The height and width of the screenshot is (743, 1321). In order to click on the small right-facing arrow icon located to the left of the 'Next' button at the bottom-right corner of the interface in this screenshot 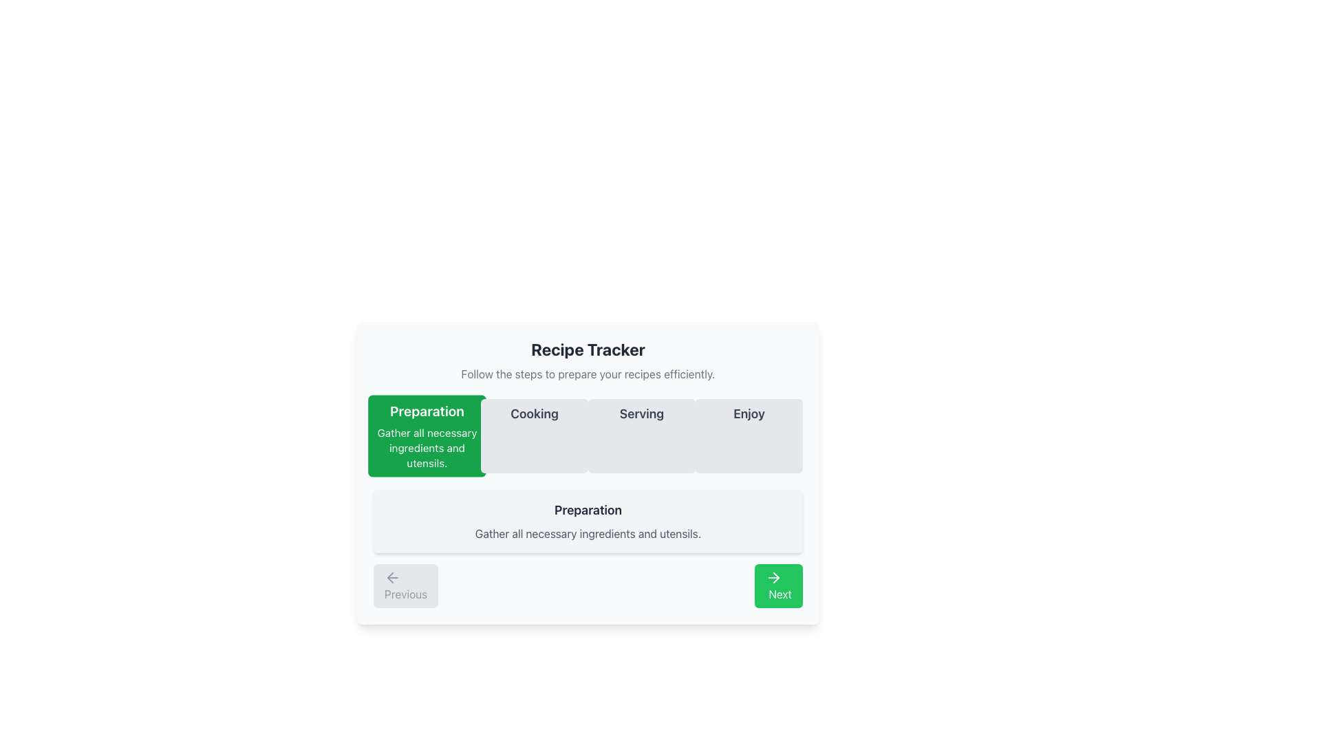, I will do `click(776, 578)`.